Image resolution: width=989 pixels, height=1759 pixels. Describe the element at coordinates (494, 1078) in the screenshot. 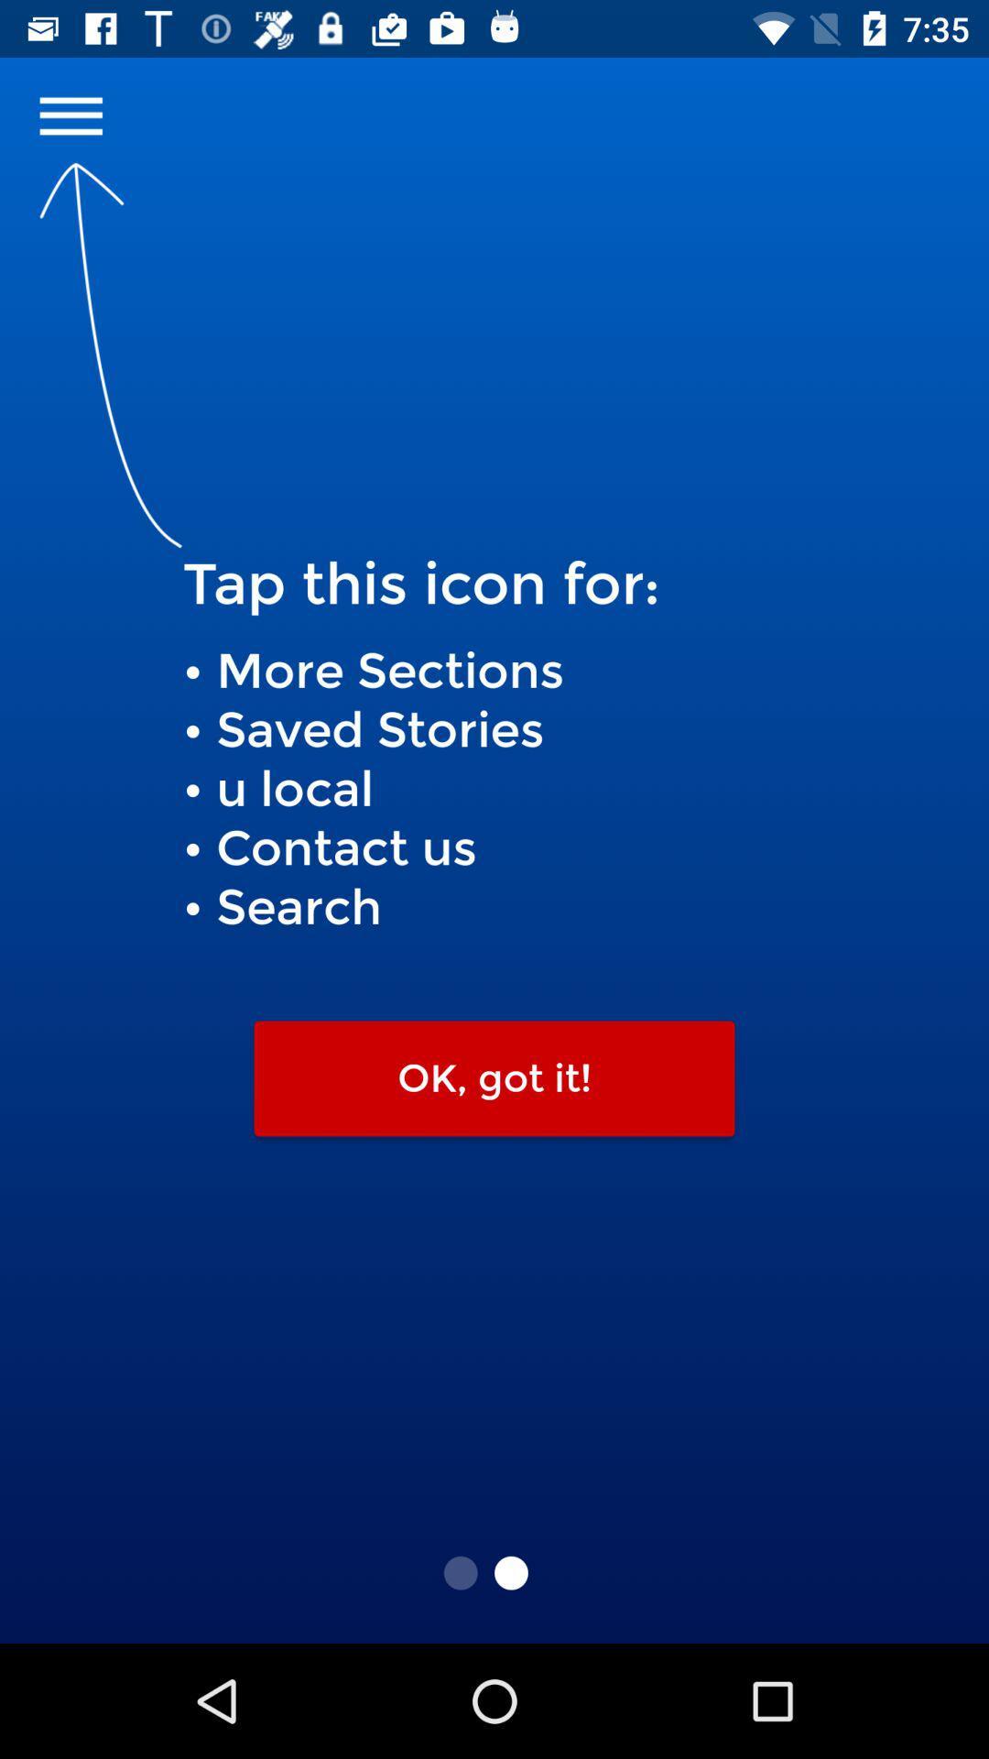

I see `the ok, got it! icon` at that location.